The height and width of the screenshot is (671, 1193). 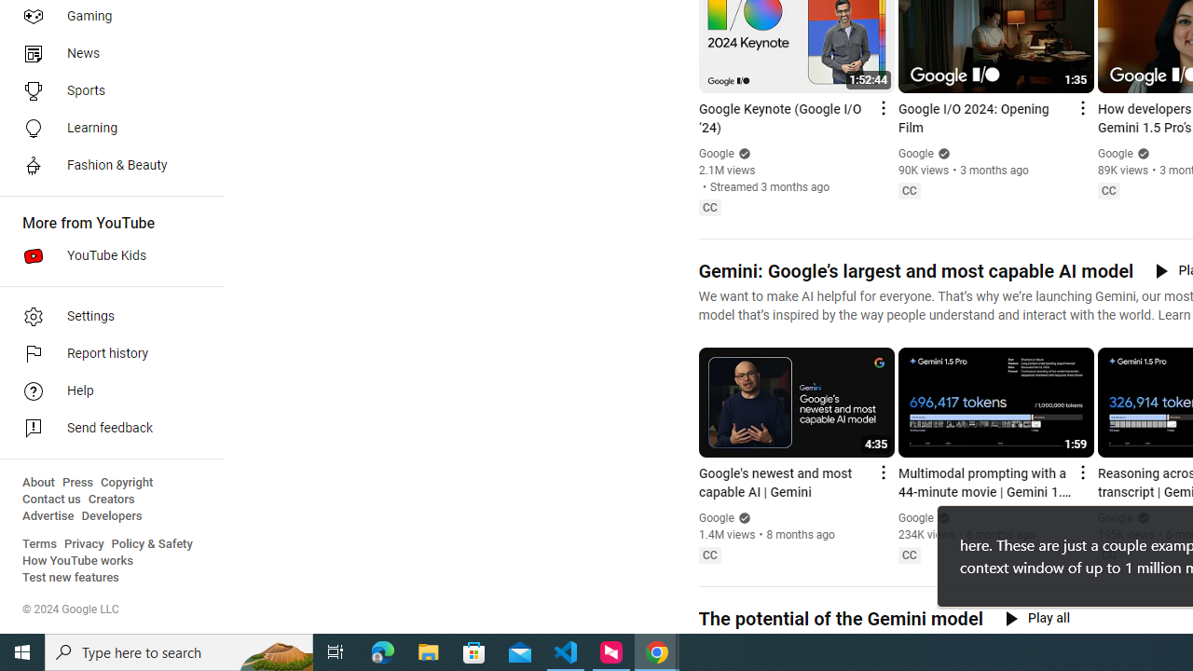 What do you see at coordinates (104, 256) in the screenshot?
I see `'YouTube Kids'` at bounding box center [104, 256].